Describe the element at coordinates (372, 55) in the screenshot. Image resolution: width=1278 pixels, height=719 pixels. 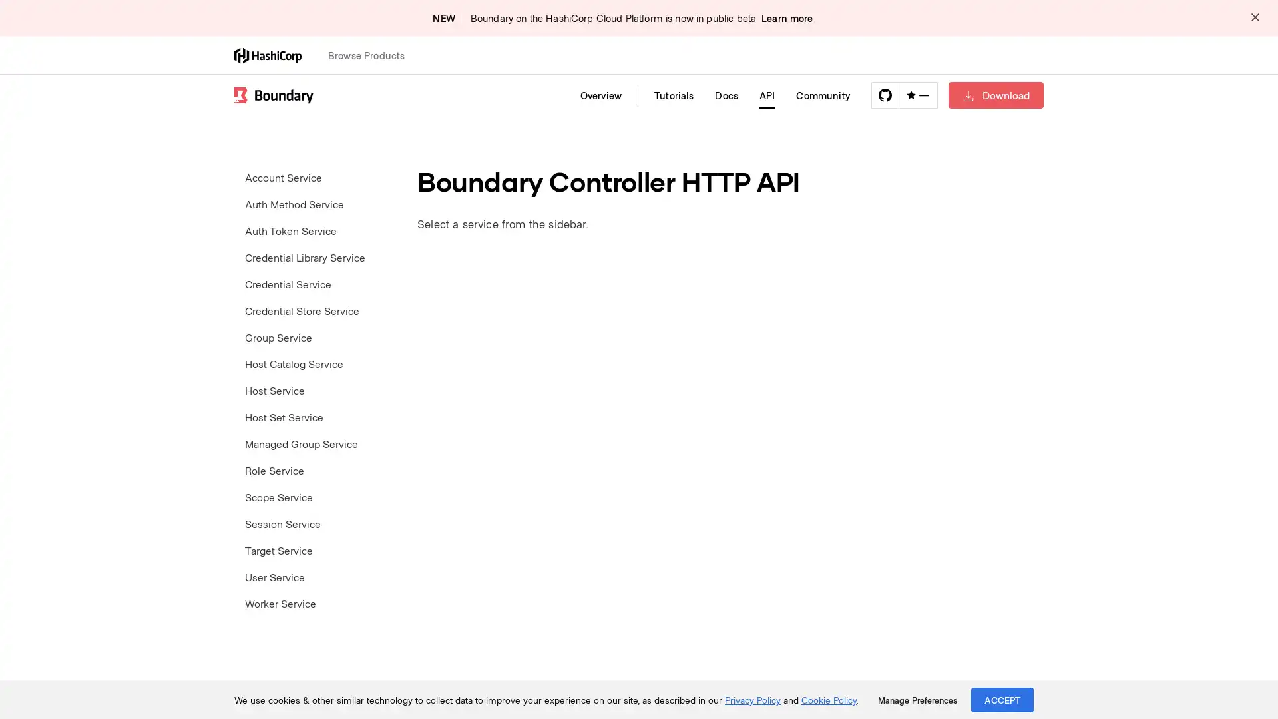
I see `Browse Products Open this menu` at that location.